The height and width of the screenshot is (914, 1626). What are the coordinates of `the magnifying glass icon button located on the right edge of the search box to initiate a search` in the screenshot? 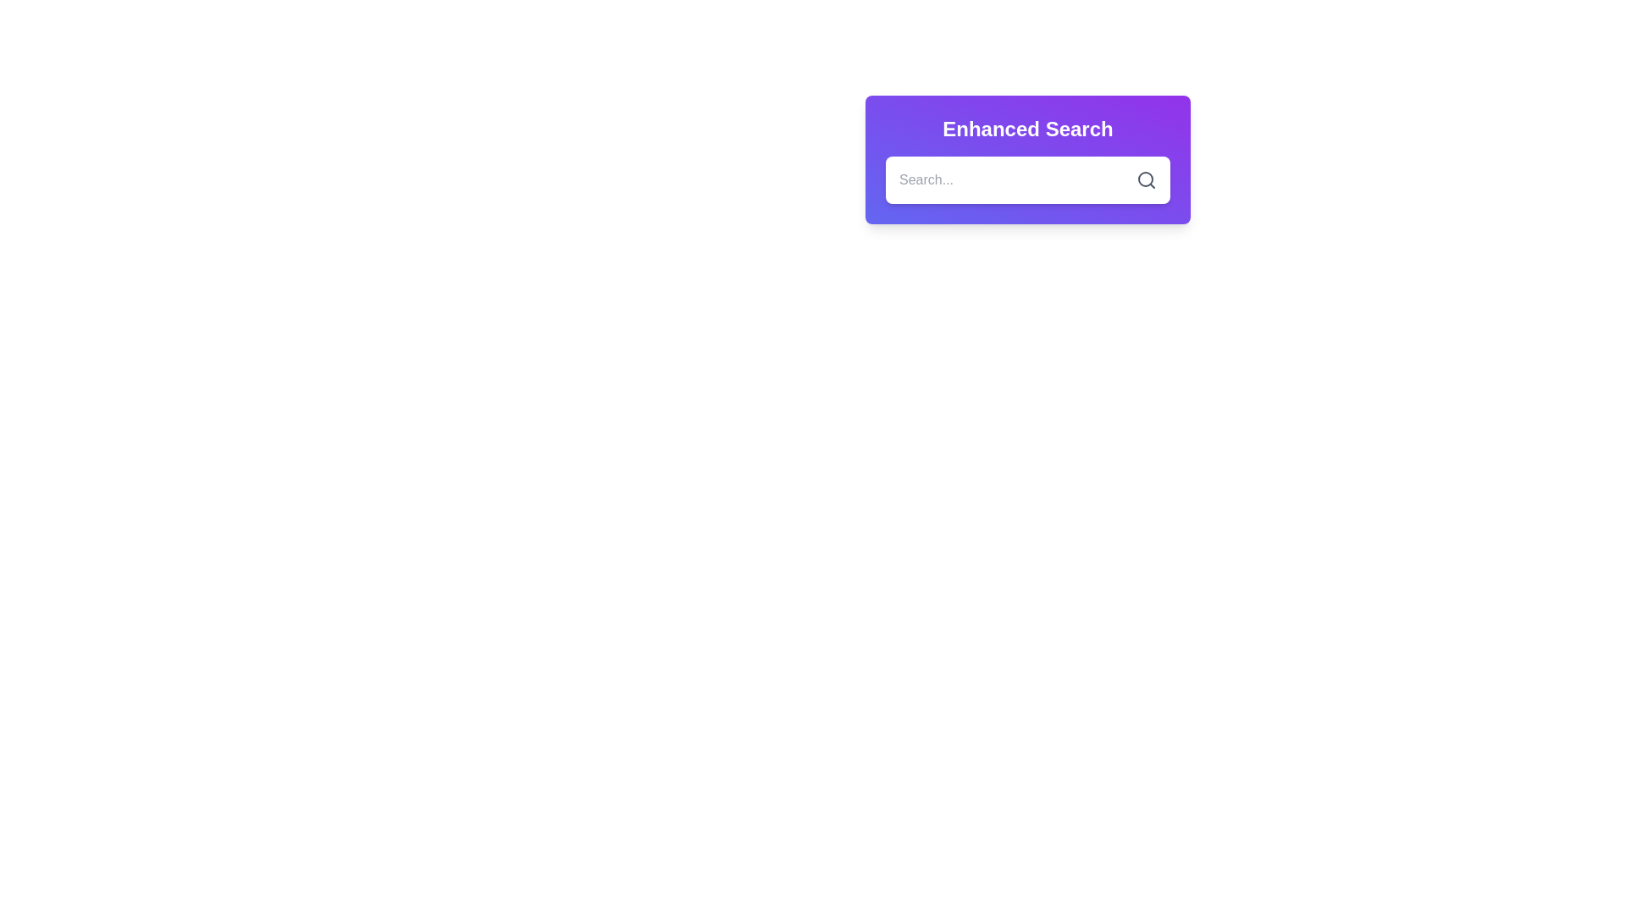 It's located at (1146, 179).